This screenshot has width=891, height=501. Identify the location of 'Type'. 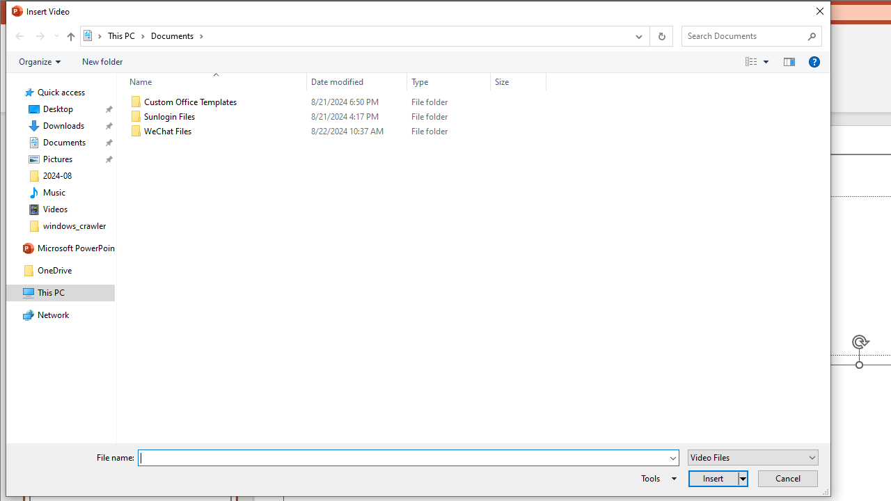
(449, 81).